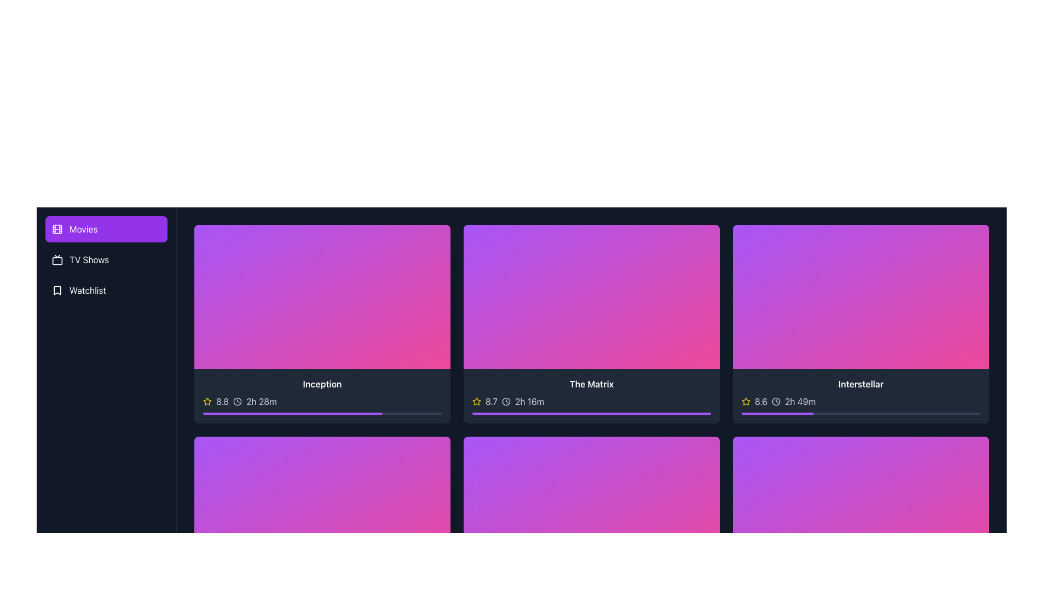 This screenshot has width=1051, height=591. What do you see at coordinates (476, 401) in the screenshot?
I see `the star icon representing the rating for 'The Matrix', which visually indicates a score of '8.7'` at bounding box center [476, 401].